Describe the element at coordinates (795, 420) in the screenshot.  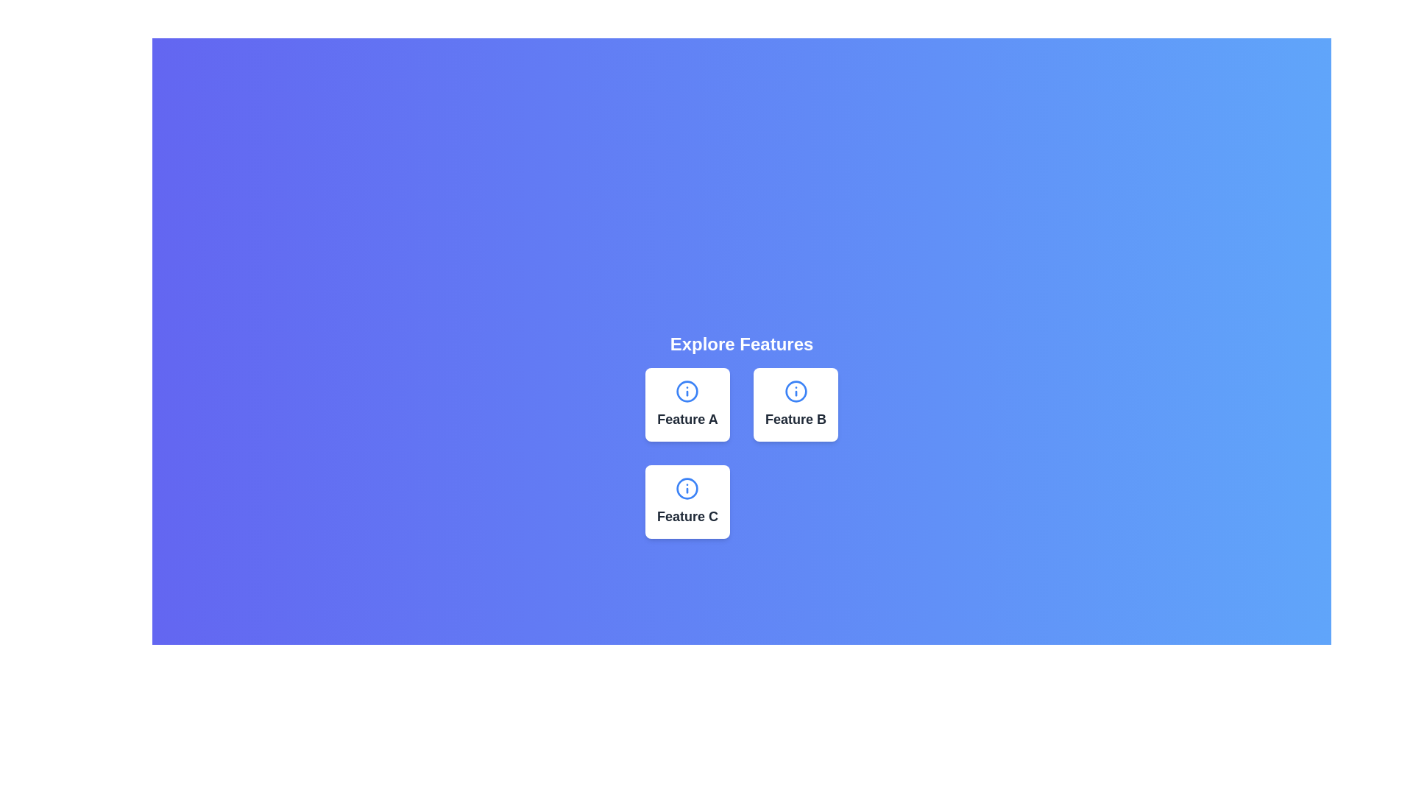
I see `the text label reading 'Feature B' which is styled in bold, large dark gray font and centered within a rounded white card` at that location.